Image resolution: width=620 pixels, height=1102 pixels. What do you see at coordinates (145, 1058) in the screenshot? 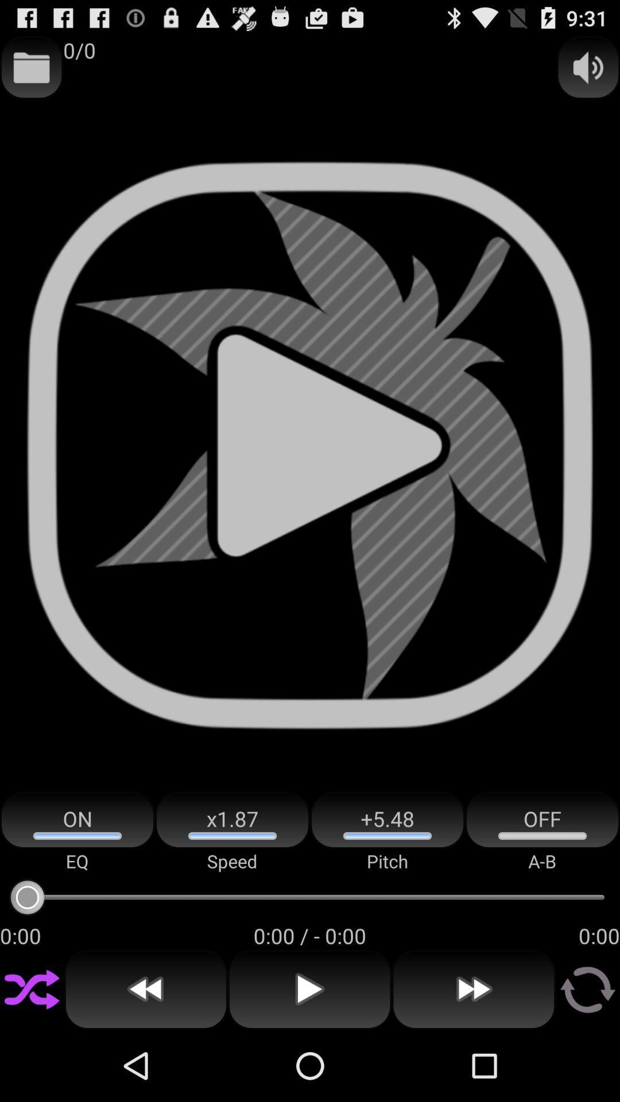
I see `the av_rewind icon` at bounding box center [145, 1058].